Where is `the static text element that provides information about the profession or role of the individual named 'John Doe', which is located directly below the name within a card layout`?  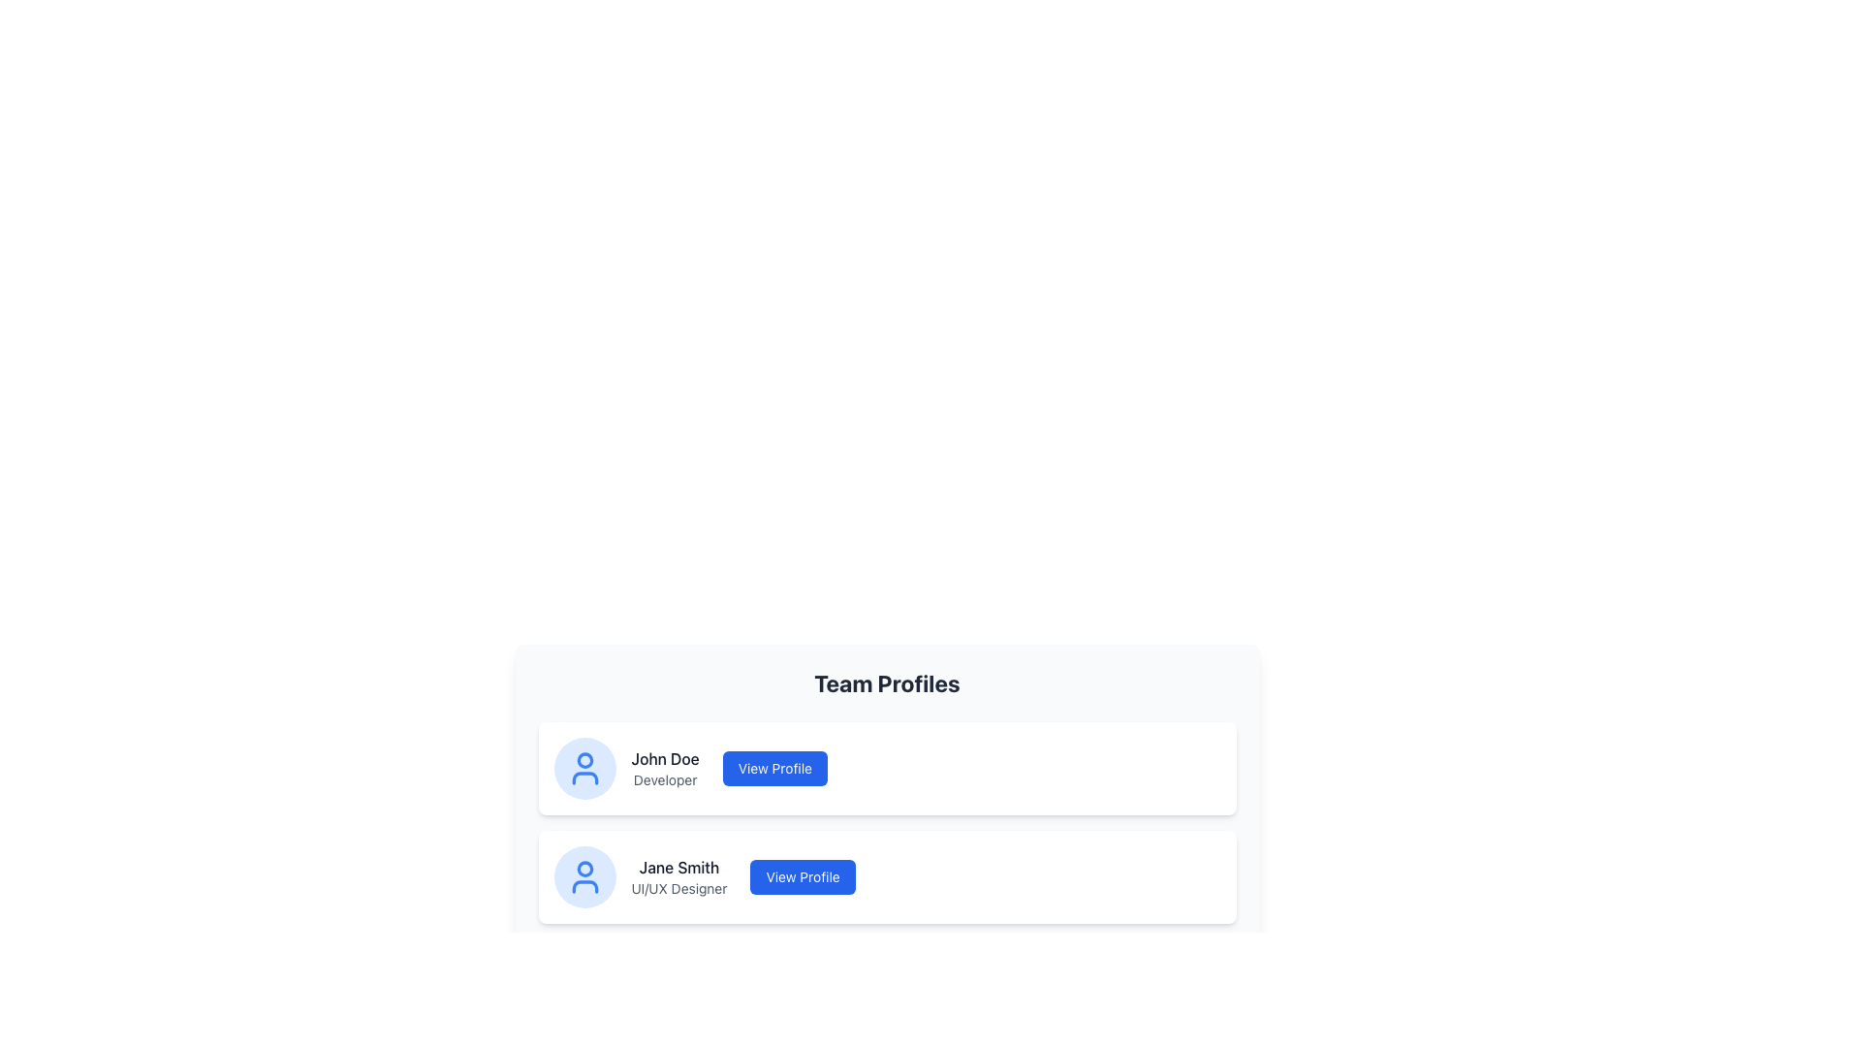
the static text element that provides information about the profession or role of the individual named 'John Doe', which is located directly below the name within a card layout is located at coordinates (665, 779).